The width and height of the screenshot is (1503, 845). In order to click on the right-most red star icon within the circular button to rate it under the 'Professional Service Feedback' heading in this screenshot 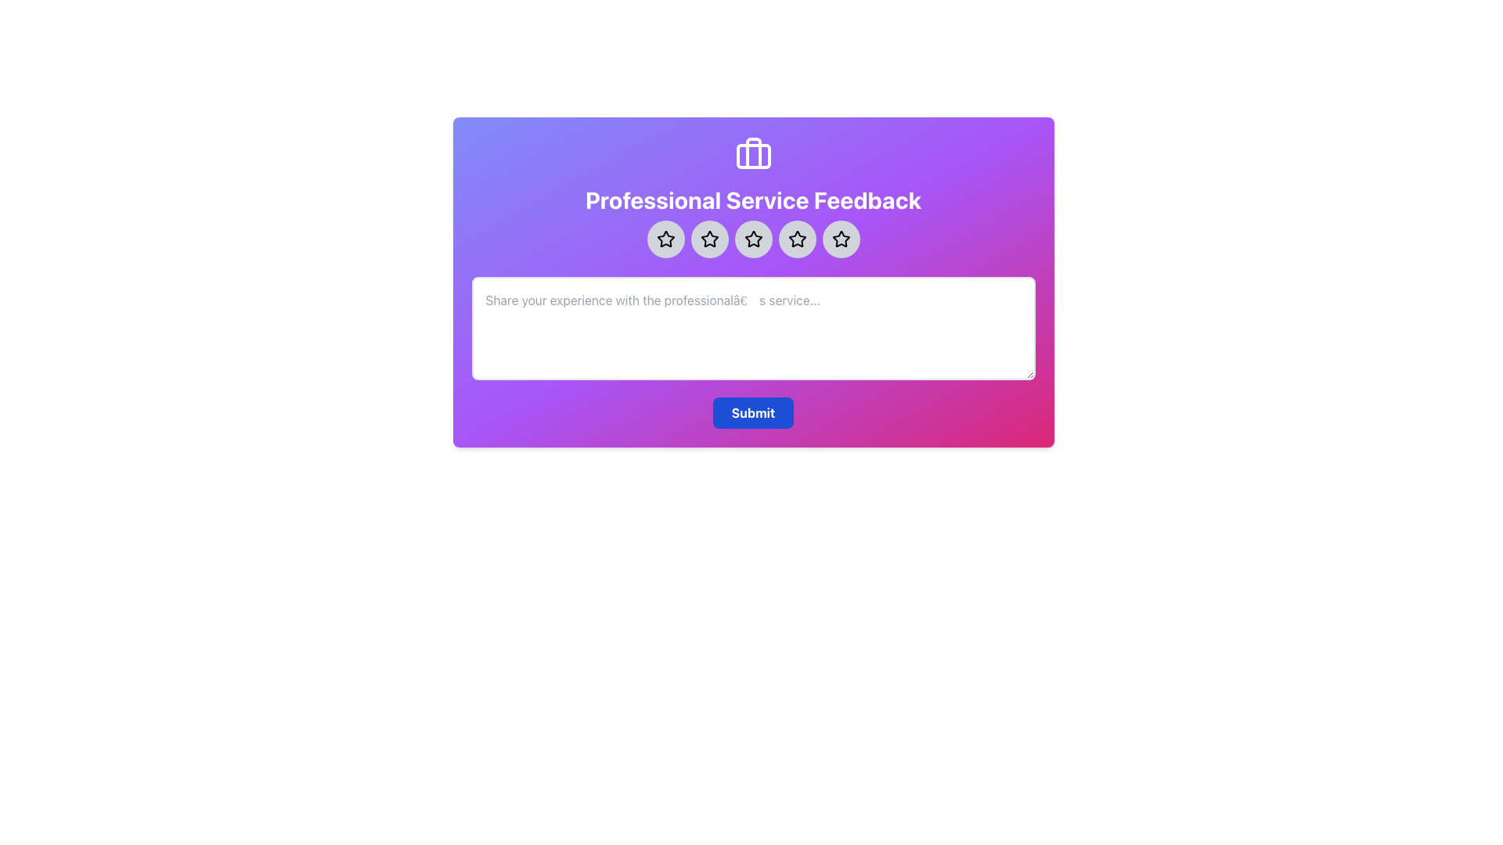, I will do `click(840, 238)`.